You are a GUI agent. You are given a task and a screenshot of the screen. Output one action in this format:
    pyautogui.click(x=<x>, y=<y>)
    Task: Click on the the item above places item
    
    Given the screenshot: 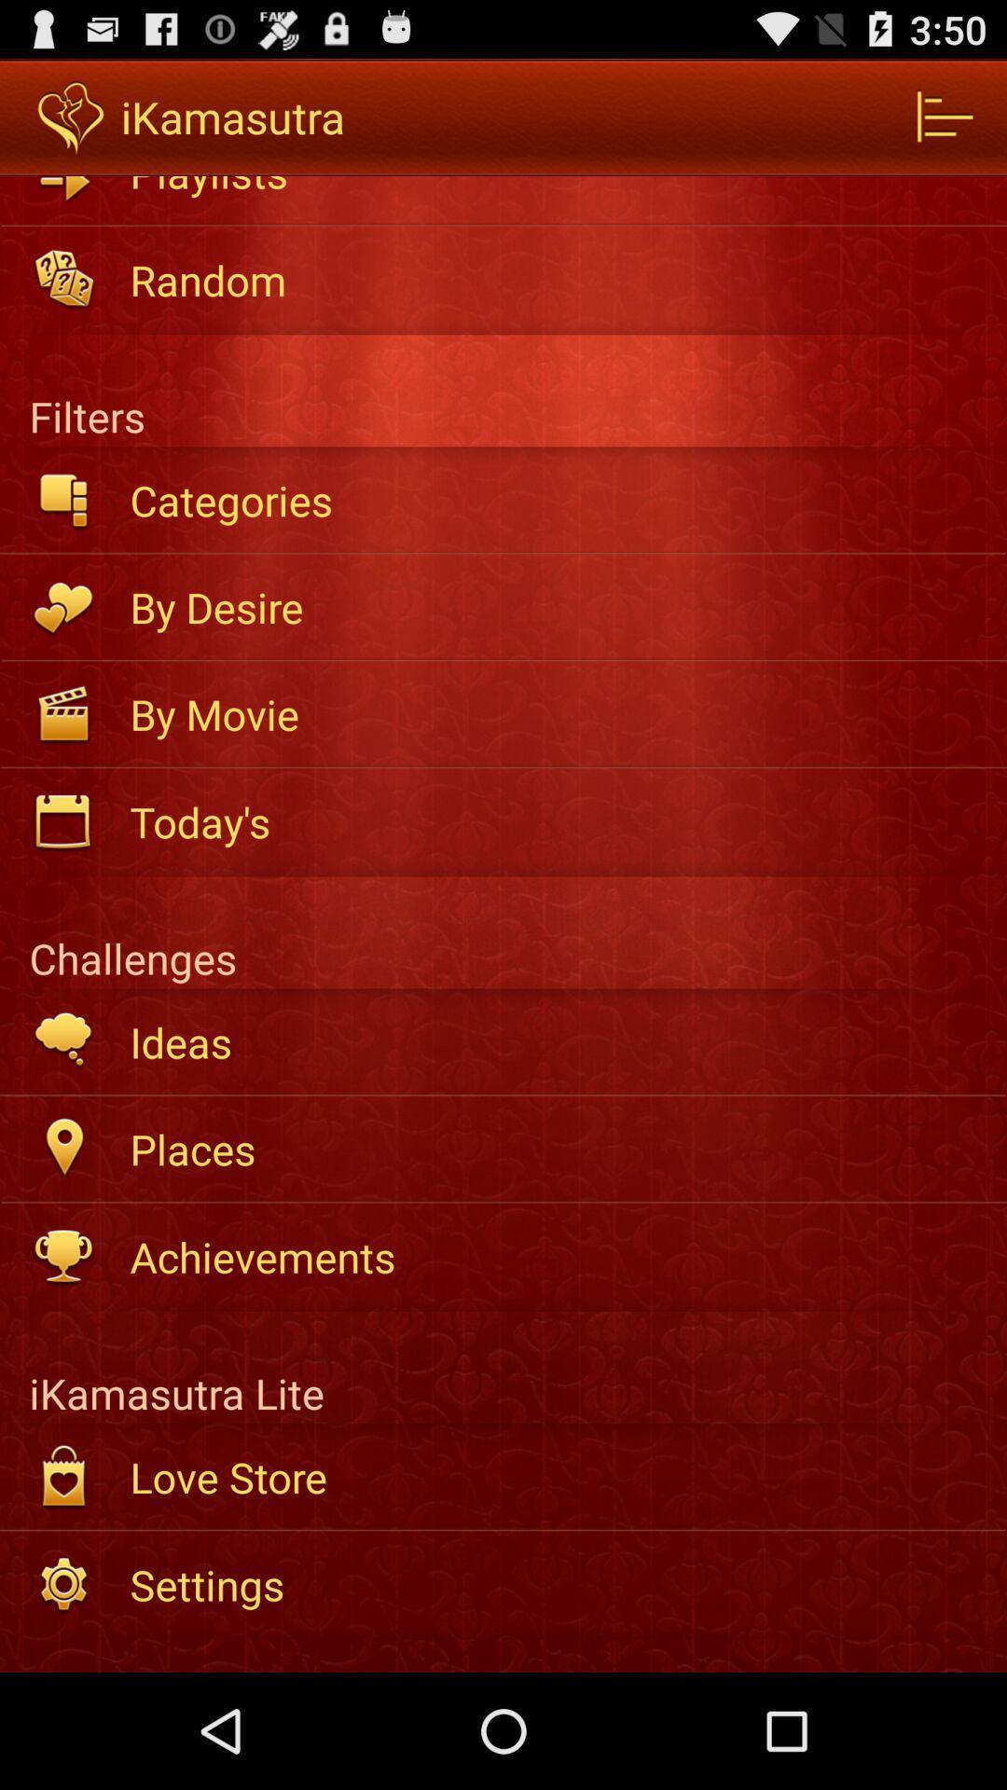 What is the action you would take?
    pyautogui.click(x=555, y=1040)
    